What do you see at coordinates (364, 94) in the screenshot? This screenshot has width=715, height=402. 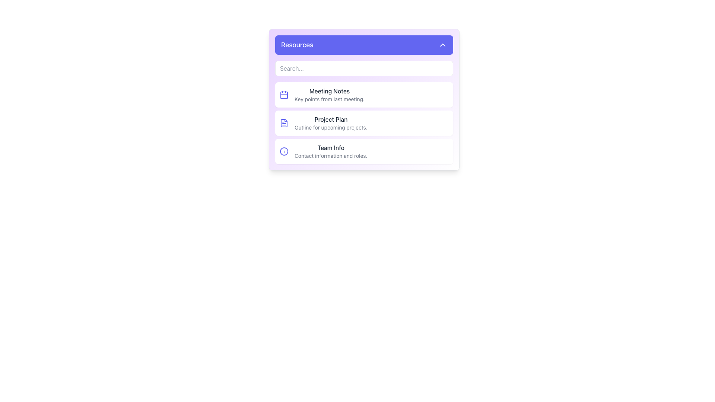 I see `the first item in the interactive list that provides access to meeting notes` at bounding box center [364, 94].